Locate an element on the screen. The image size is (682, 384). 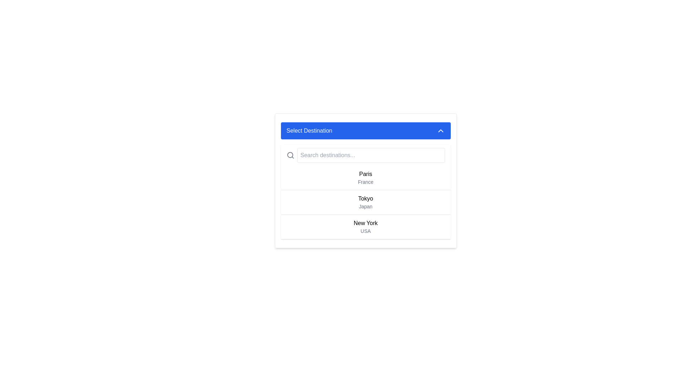
the text display element providing additional information about 'Paris', which indicates the country 'France', located centrally below the main label 'Paris' in the dropdown list is located at coordinates (366, 182).